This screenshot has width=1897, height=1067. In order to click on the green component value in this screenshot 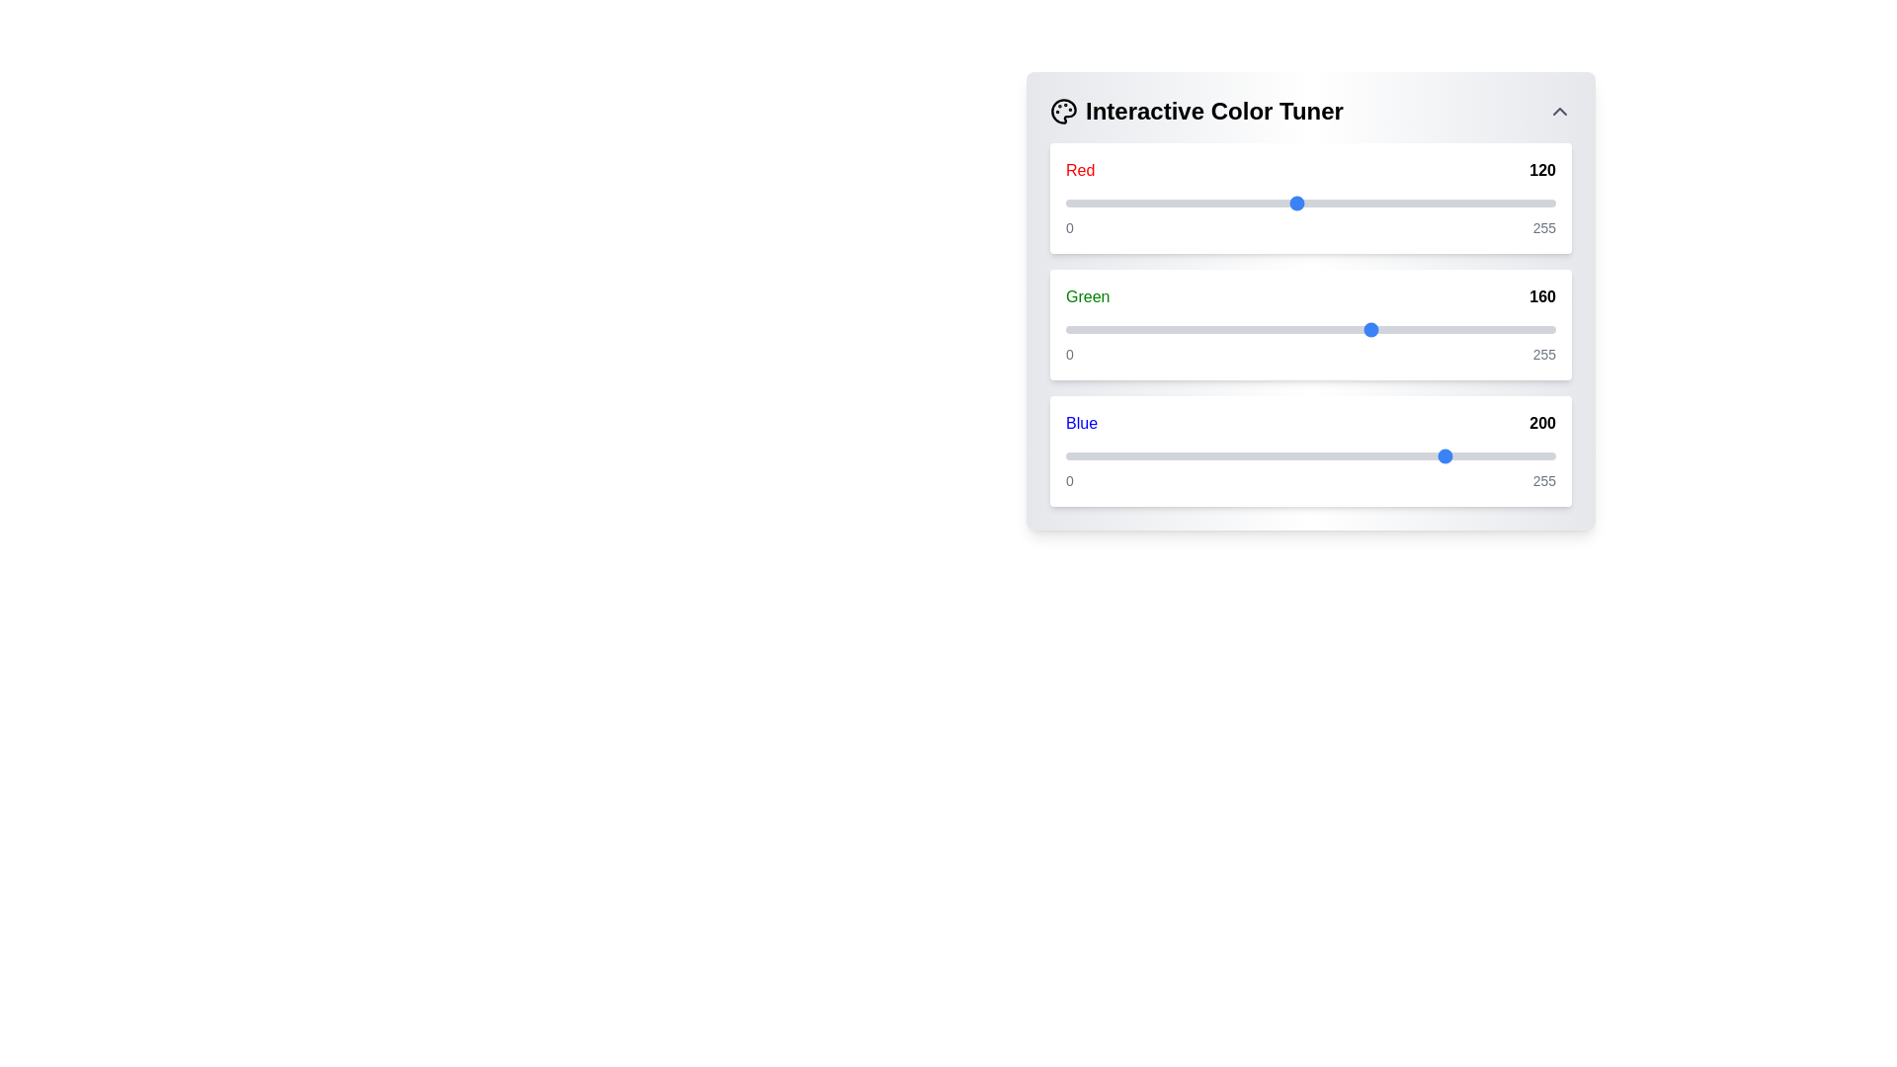, I will do `click(1138, 329)`.